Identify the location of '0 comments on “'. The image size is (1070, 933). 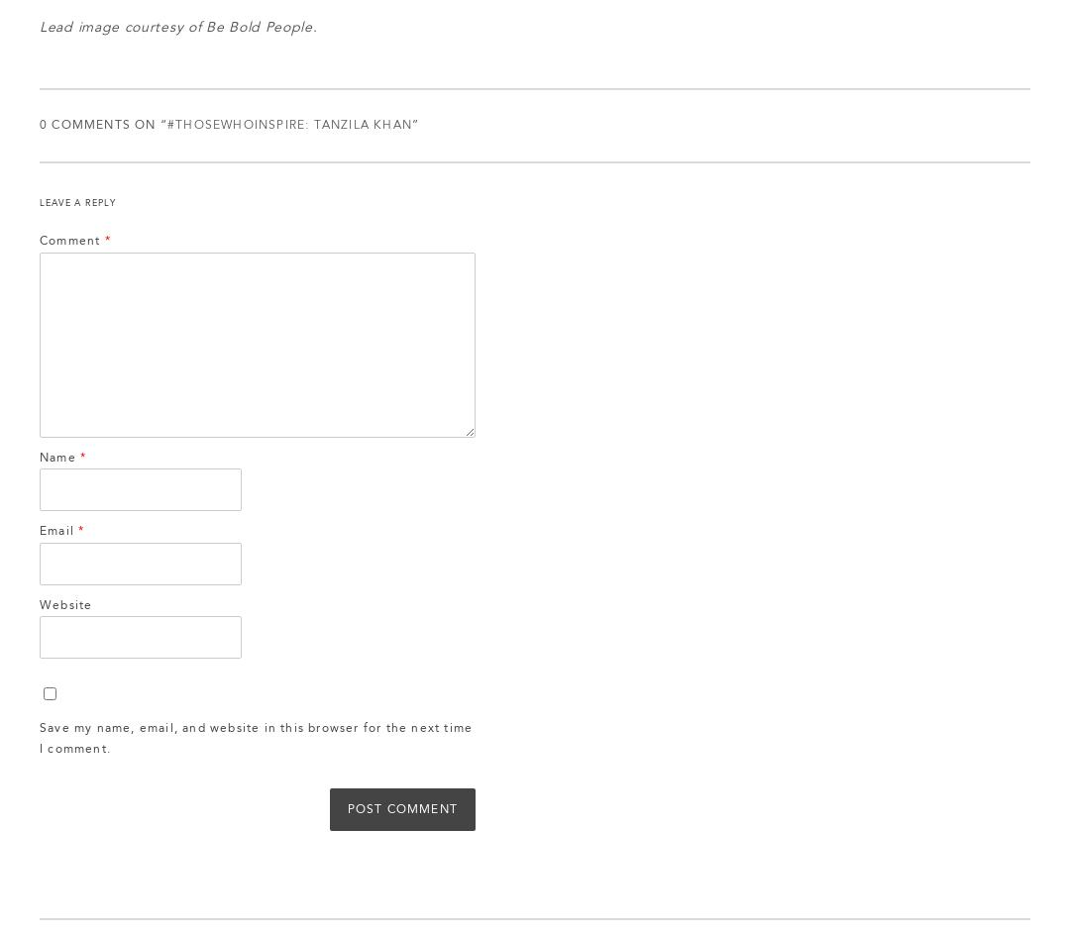
(103, 125).